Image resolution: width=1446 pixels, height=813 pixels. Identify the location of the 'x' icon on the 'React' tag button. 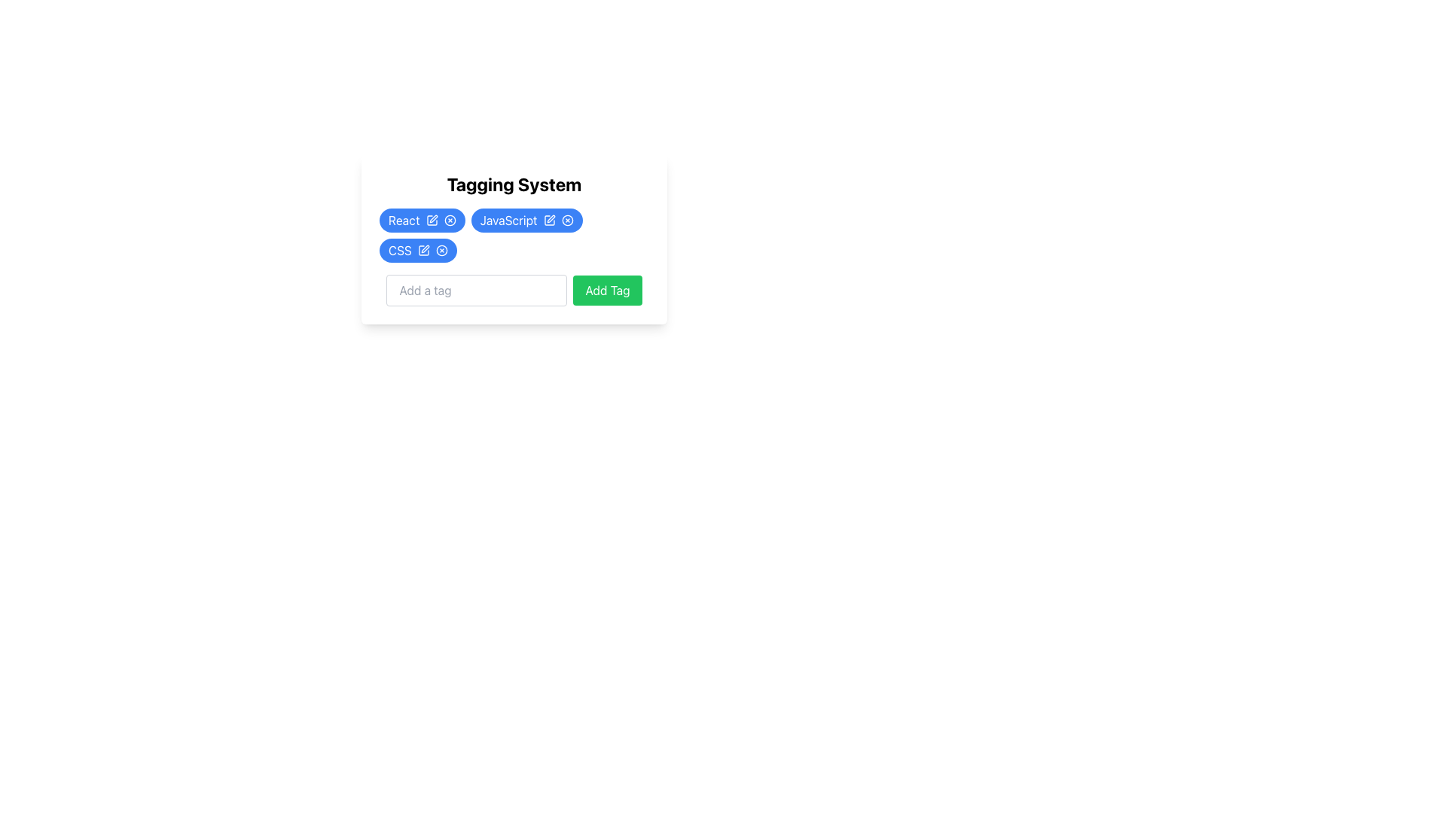
(422, 221).